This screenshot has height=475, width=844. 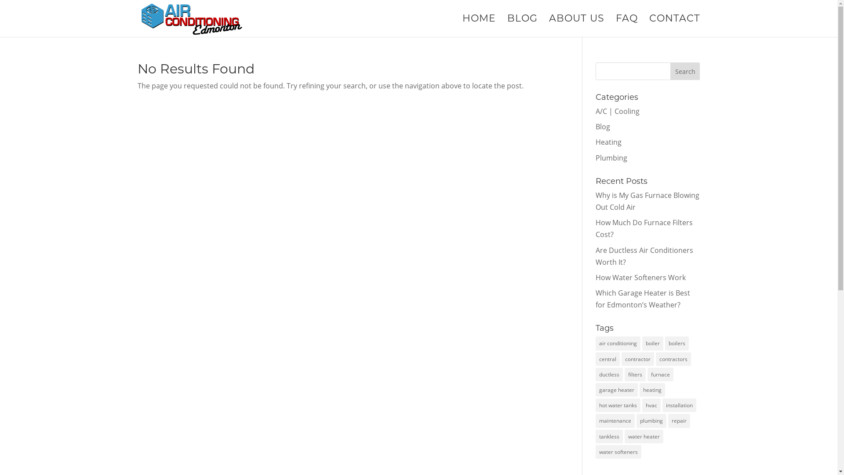 I want to click on 'HOME', so click(x=478, y=26).